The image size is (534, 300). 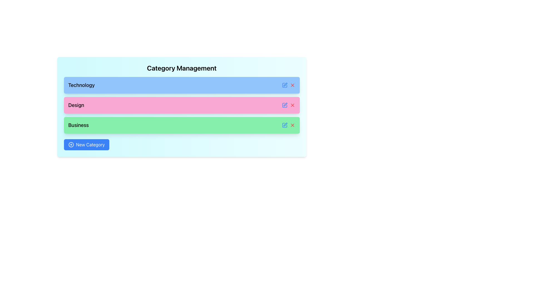 I want to click on the pen icon to the right of the 'Design' label within the pink rectangular section to initiate an edit action, so click(x=285, y=104).